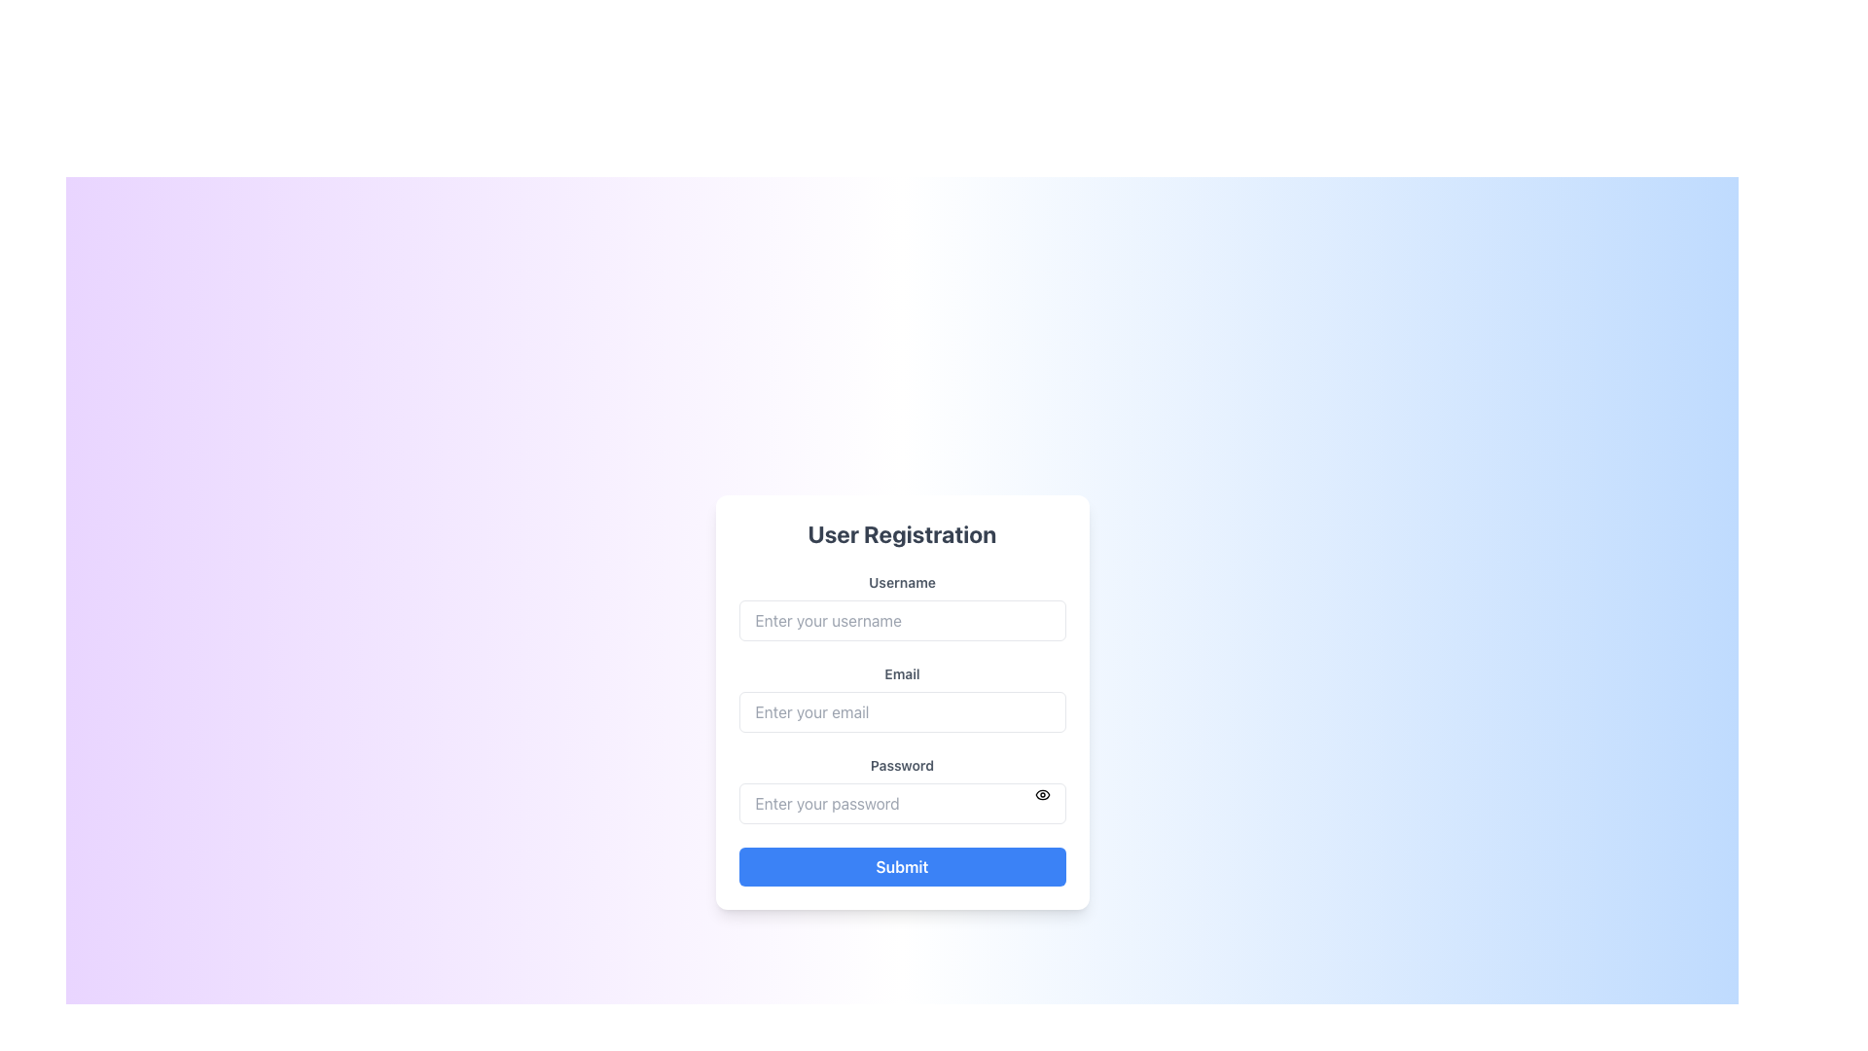  Describe the element at coordinates (901, 866) in the screenshot. I see `the submit button located at the bottom of the 'User Registration' form` at that location.